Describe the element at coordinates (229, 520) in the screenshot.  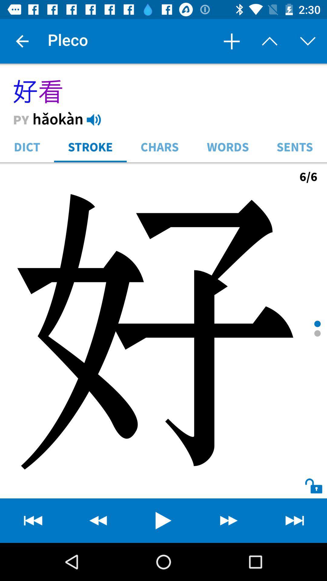
I see `the av_forward icon` at that location.